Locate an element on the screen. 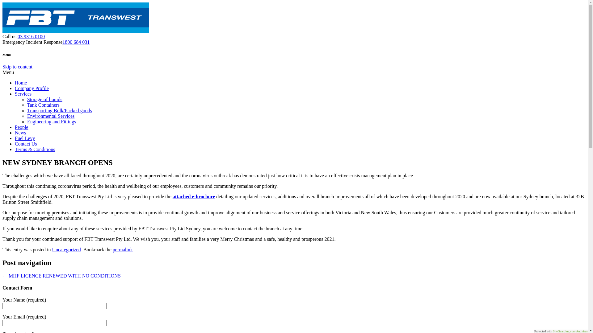 This screenshot has width=593, height=333. 'Services' is located at coordinates (23, 94).